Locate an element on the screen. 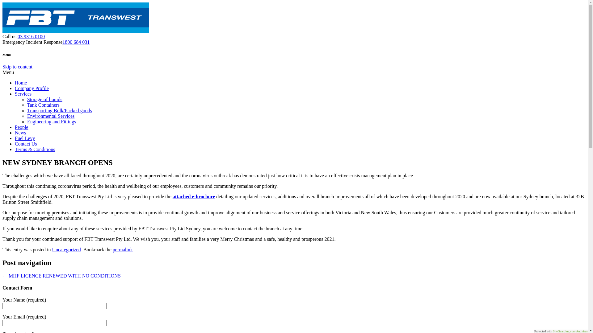 This screenshot has width=593, height=333. 'Services' is located at coordinates (23, 94).